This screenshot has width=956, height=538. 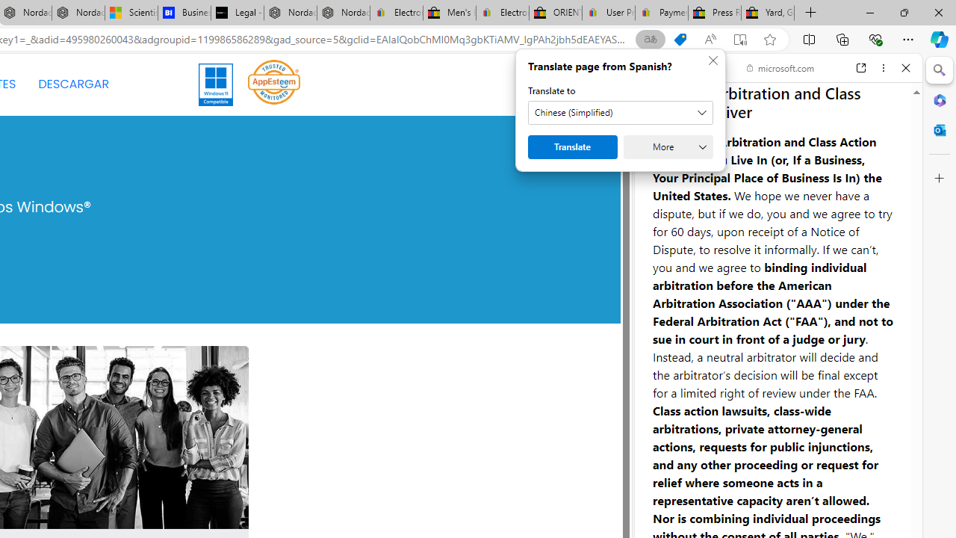 What do you see at coordinates (274, 81) in the screenshot?
I see `'App Esteem'` at bounding box center [274, 81].